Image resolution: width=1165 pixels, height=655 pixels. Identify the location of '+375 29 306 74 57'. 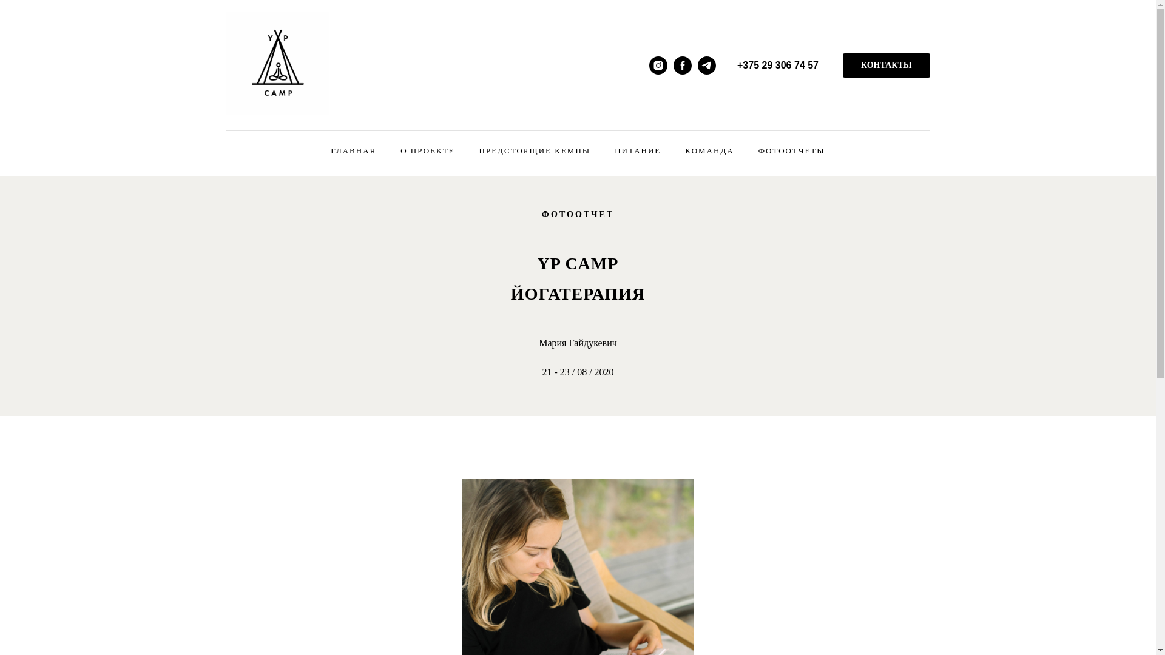
(777, 65).